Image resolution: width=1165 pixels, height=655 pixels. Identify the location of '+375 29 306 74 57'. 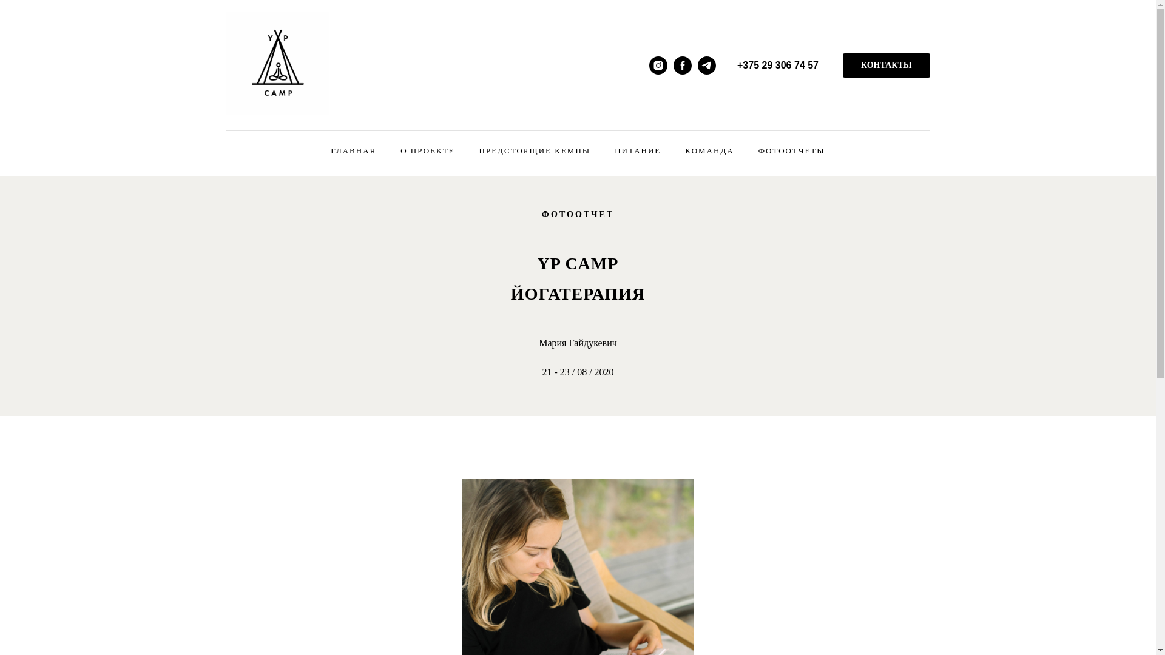
(777, 65).